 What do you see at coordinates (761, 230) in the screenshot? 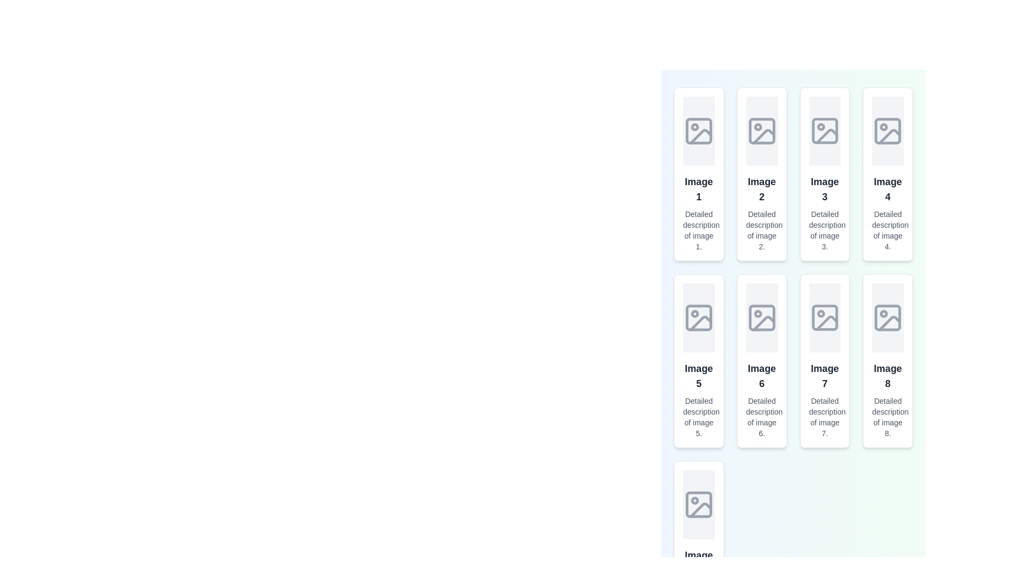
I see `text from the label stating 'Detailed description of image 2.' located below the heading 'Image 2' in the second card of the grid layout` at bounding box center [761, 230].